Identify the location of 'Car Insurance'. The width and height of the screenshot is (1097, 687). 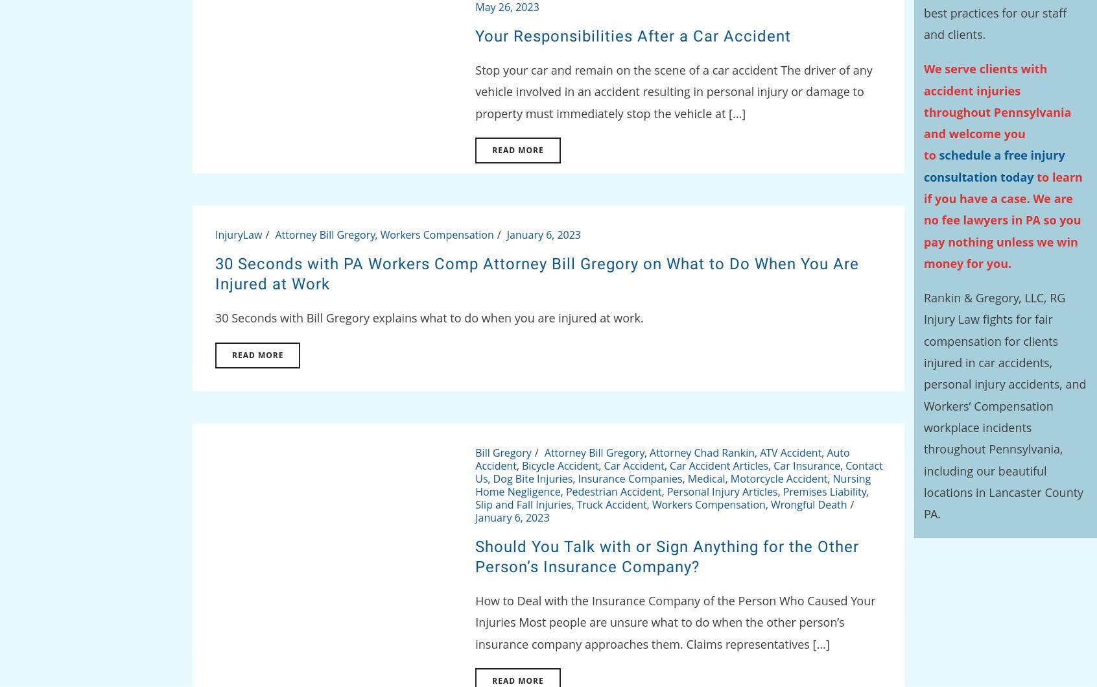
(807, 465).